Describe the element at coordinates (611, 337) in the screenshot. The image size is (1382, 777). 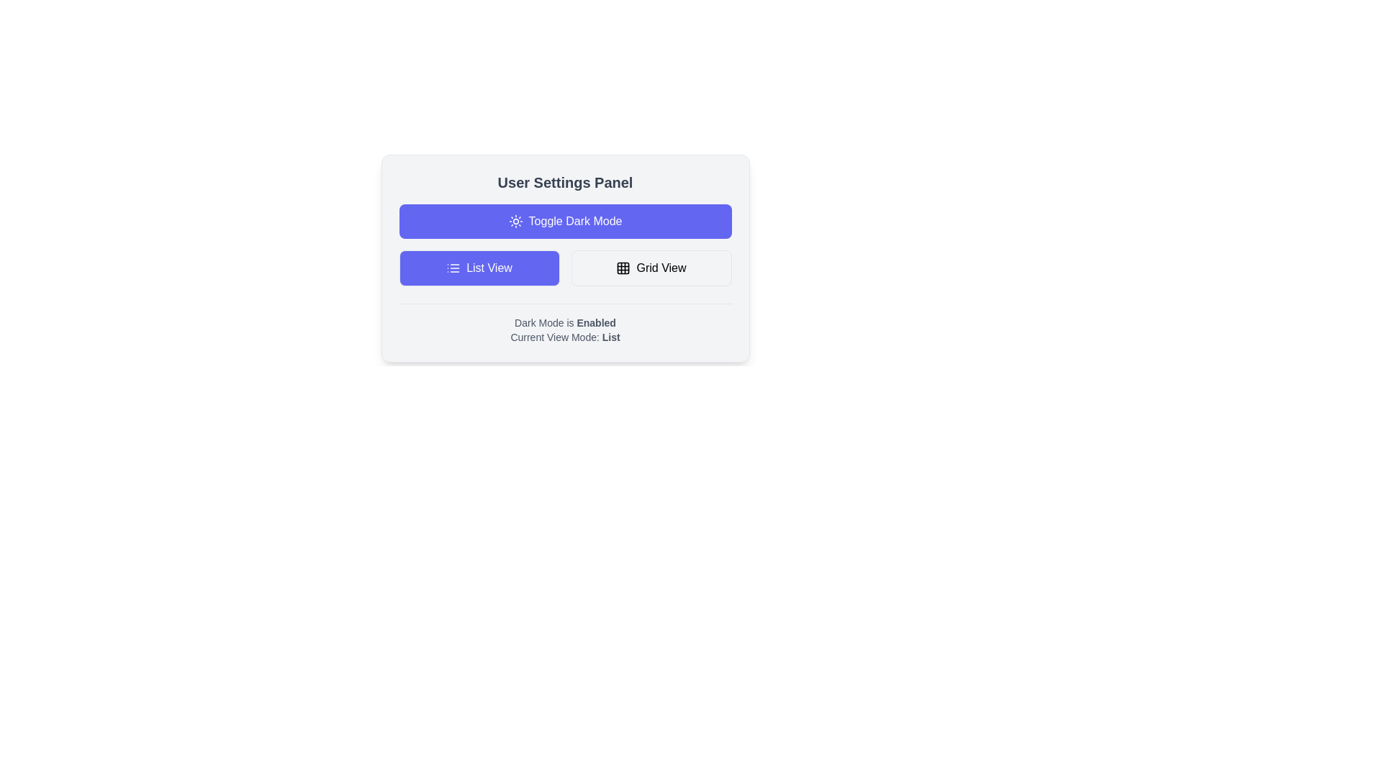
I see `the text label that indicates the current view mode setting of the application, which is positioned at the bottom of the panel interface and reads 'Current View Mode: List'` at that location.